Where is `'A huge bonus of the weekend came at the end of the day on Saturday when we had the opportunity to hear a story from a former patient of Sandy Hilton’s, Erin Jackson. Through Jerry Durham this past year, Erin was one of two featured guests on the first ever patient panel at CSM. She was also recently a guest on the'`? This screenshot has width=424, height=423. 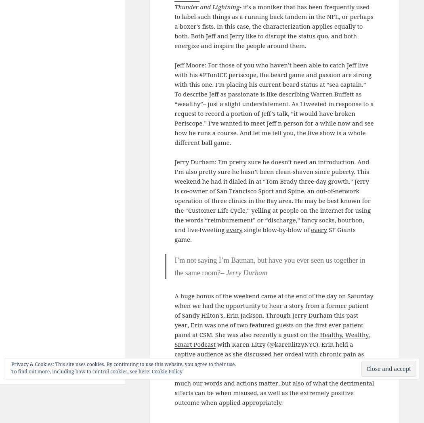
'A huge bonus of the weekend came at the end of the day on Saturday when we had the opportunity to hear a story from a former patient of Sandy Hilton’s, Erin Jackson. Through Jerry Durham this past year, Erin was one of two featured guests on the first ever patient panel at CSM. She was also recently a guest on the' is located at coordinates (174, 315).